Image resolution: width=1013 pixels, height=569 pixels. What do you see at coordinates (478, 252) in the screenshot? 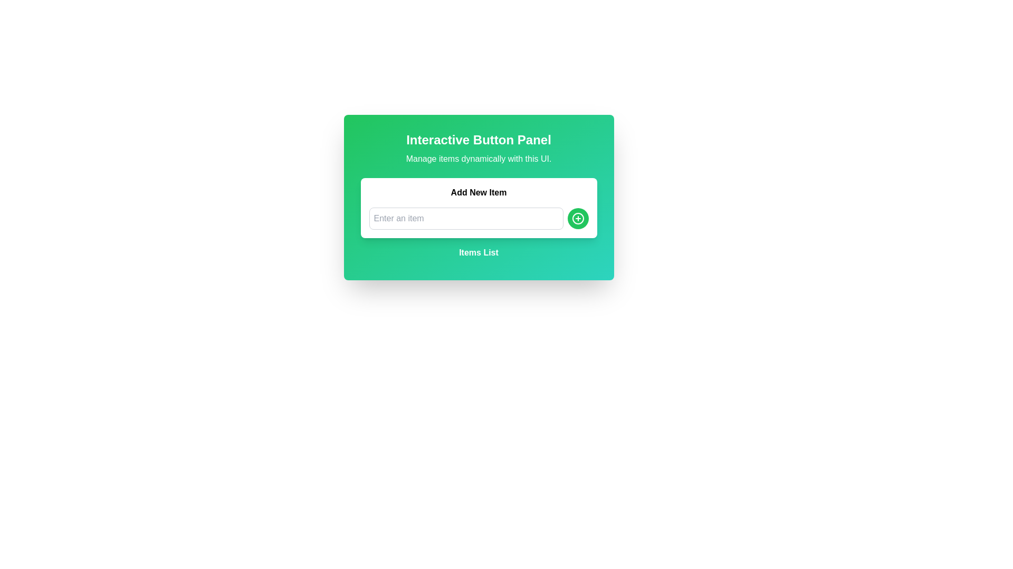
I see `the 'Items List' header text element, which is styled with bold, white text on a green background and positioned below the 'Add New Item' section` at bounding box center [478, 252].